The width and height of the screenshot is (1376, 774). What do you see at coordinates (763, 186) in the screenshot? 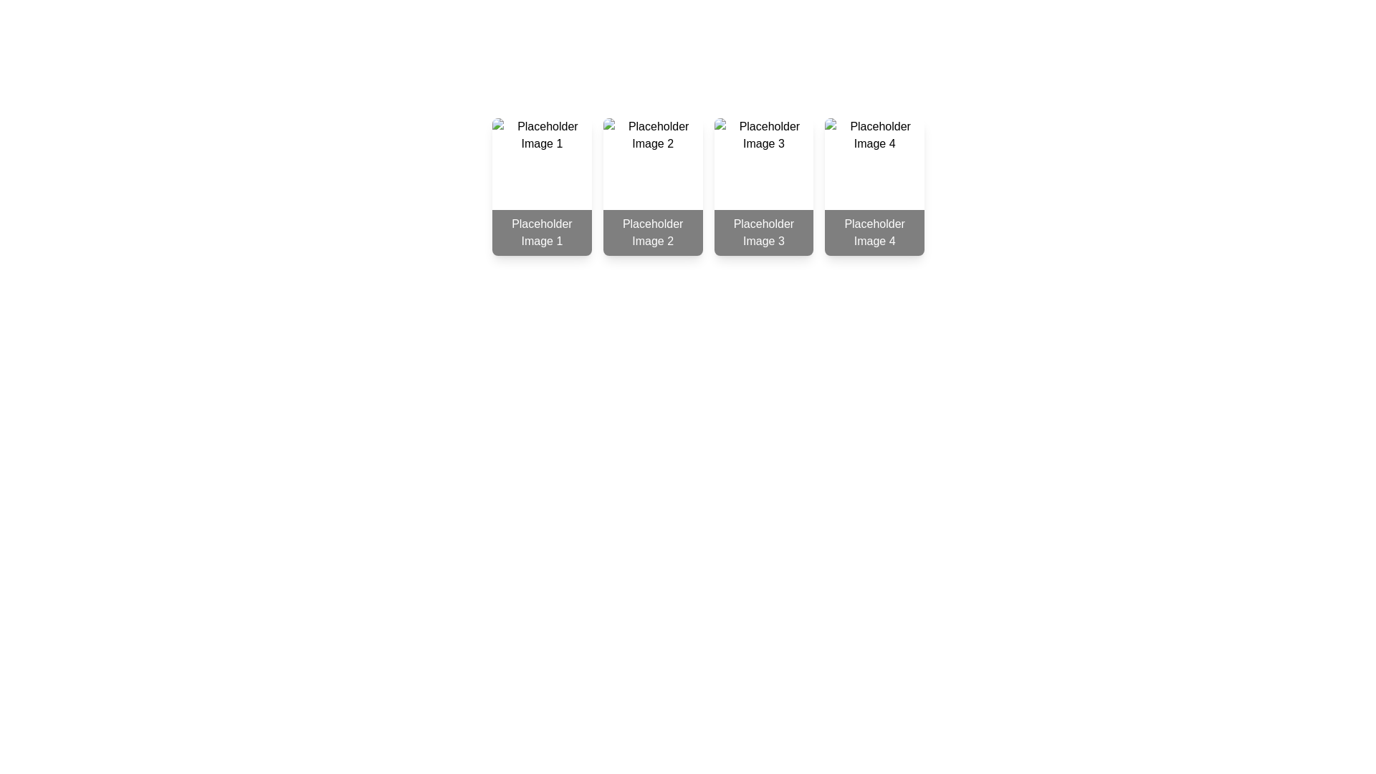
I see `the Card element that displays 'Placeholder Image 3' and has a darker shaded bottom section, positioned as the third card in a horizontal layout` at bounding box center [763, 186].